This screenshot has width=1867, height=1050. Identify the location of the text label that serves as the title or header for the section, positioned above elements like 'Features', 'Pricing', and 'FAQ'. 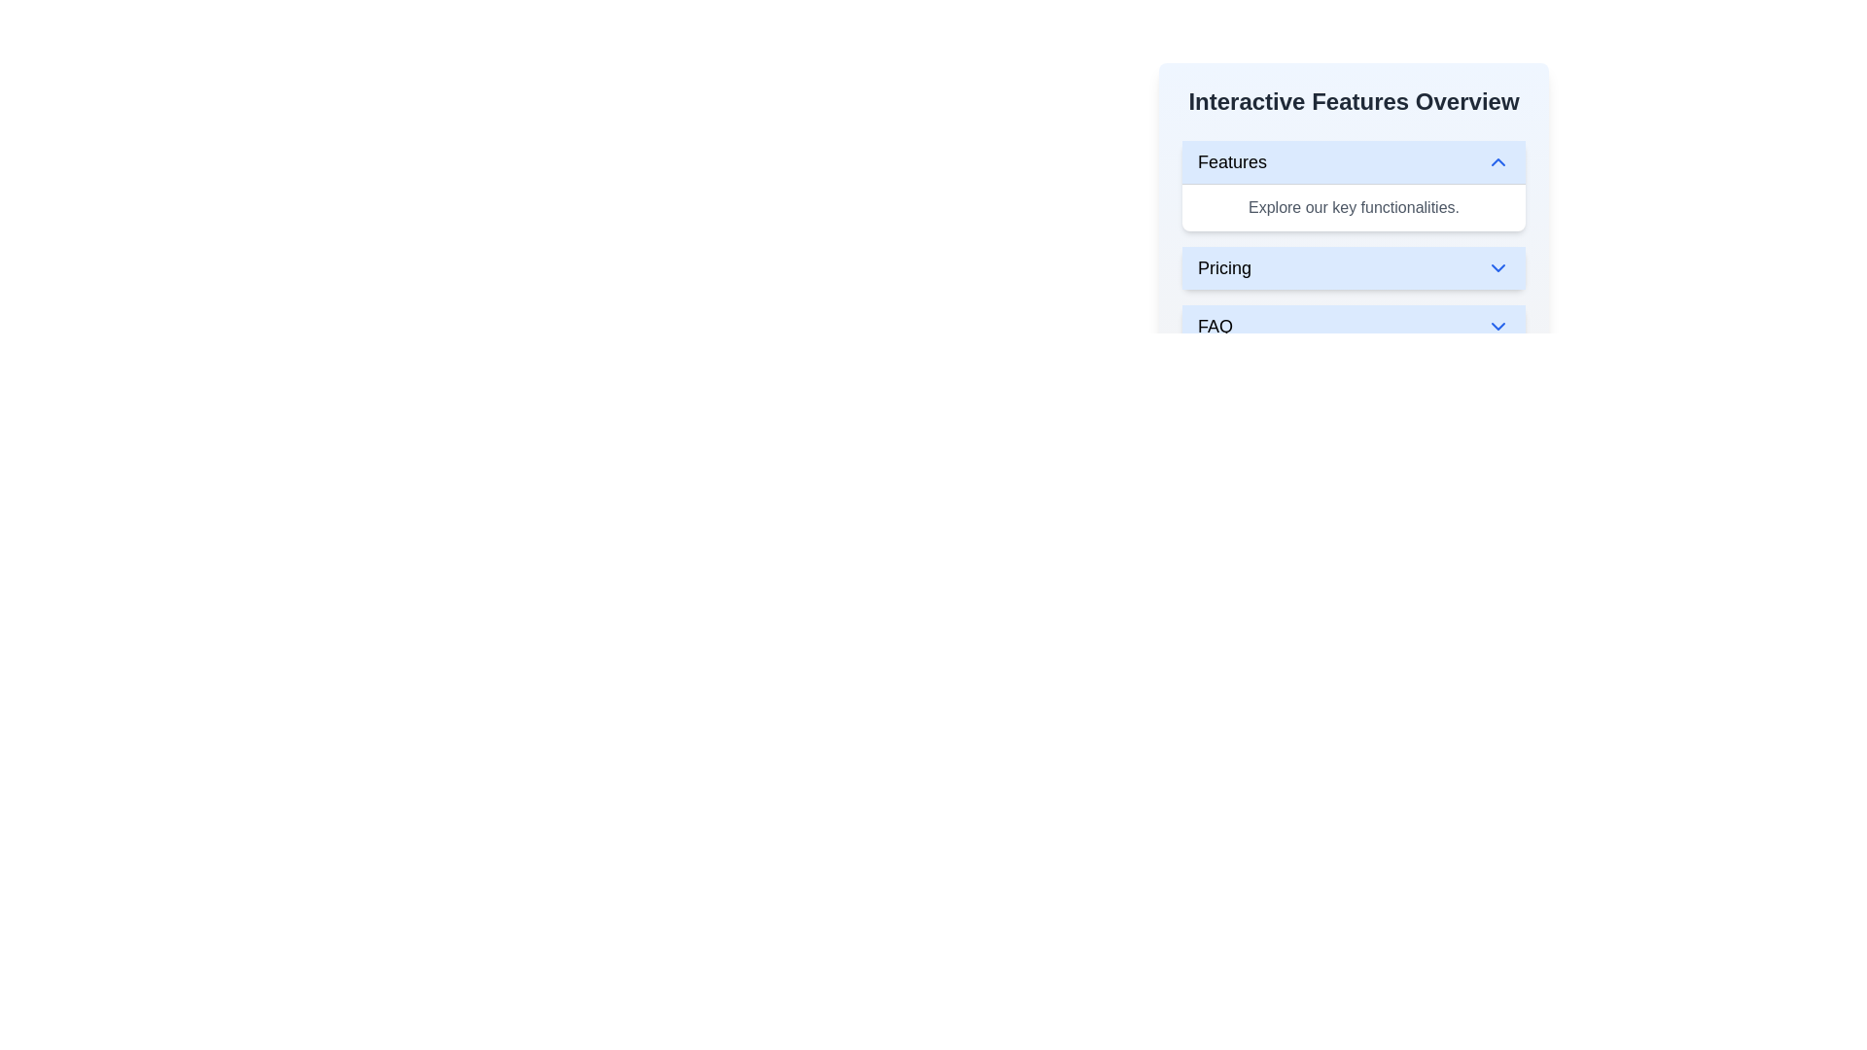
(1353, 101).